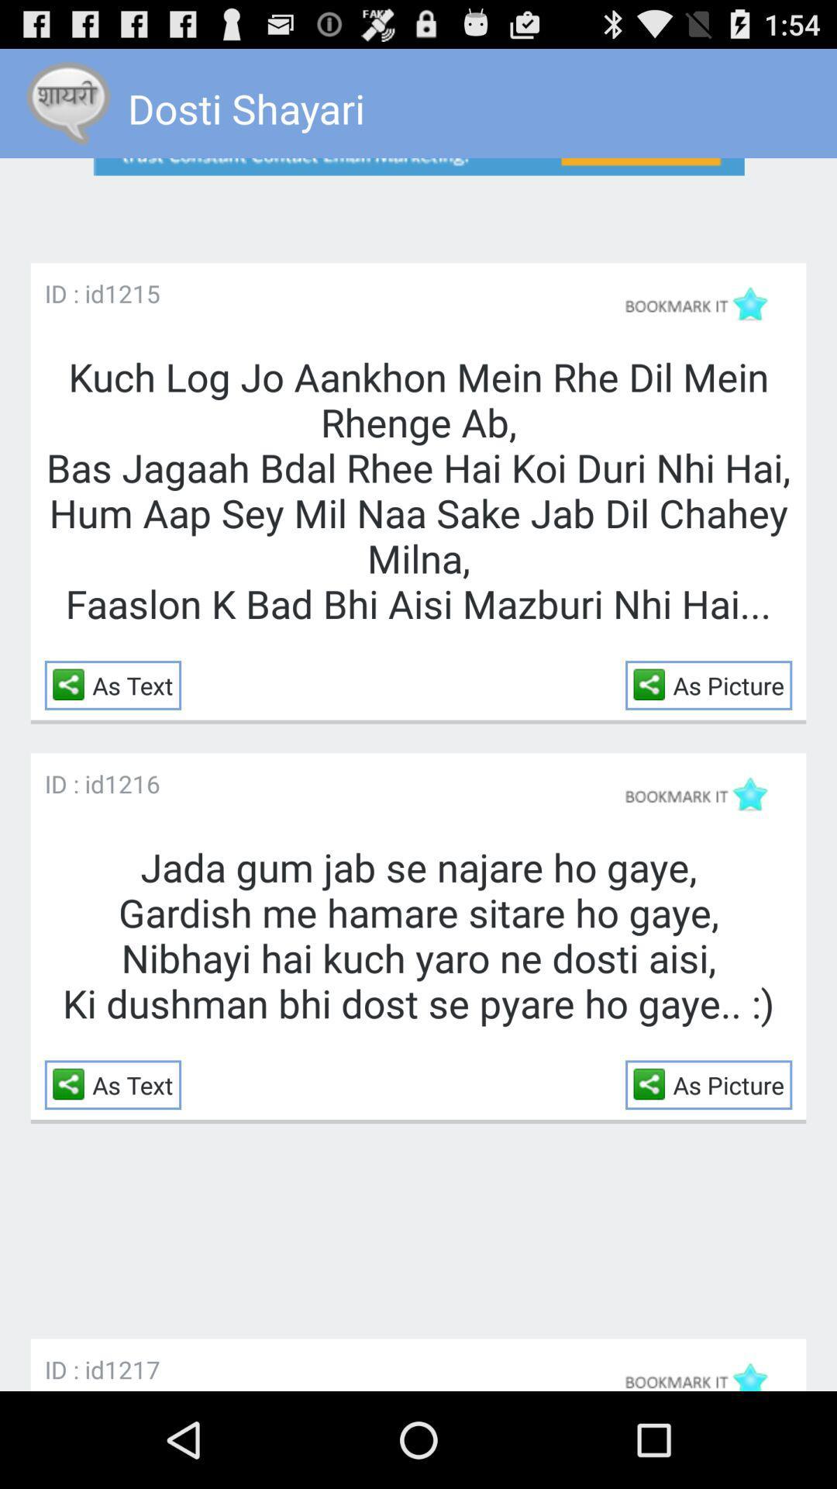 This screenshot has width=837, height=1489. Describe the element at coordinates (131, 1369) in the screenshot. I see `app next to the id : id icon` at that location.